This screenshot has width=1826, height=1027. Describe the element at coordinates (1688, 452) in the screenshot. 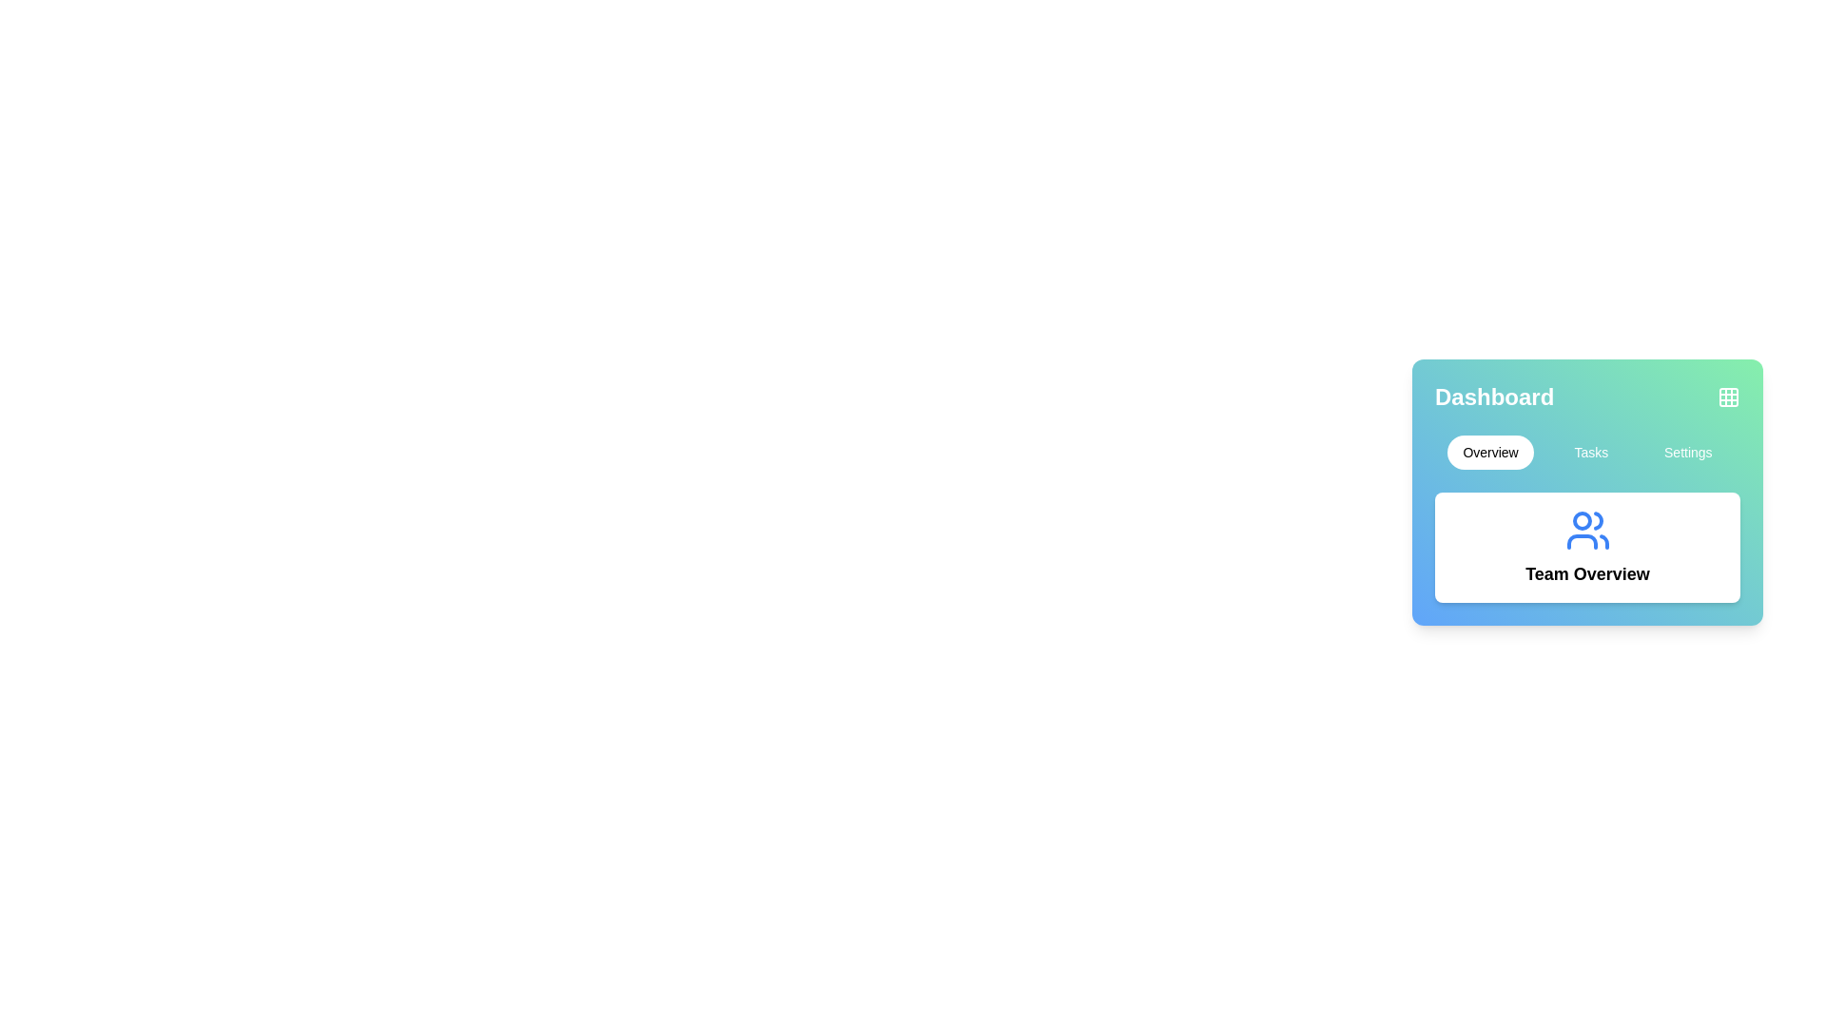

I see `the third button on the right, which grants access to settings related to the dashboard` at that location.